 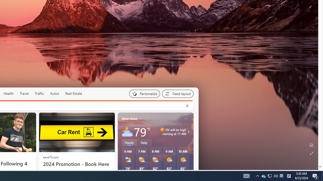 What do you see at coordinates (51, 157) in the screenshot?
I see `'save70.com'` at bounding box center [51, 157].